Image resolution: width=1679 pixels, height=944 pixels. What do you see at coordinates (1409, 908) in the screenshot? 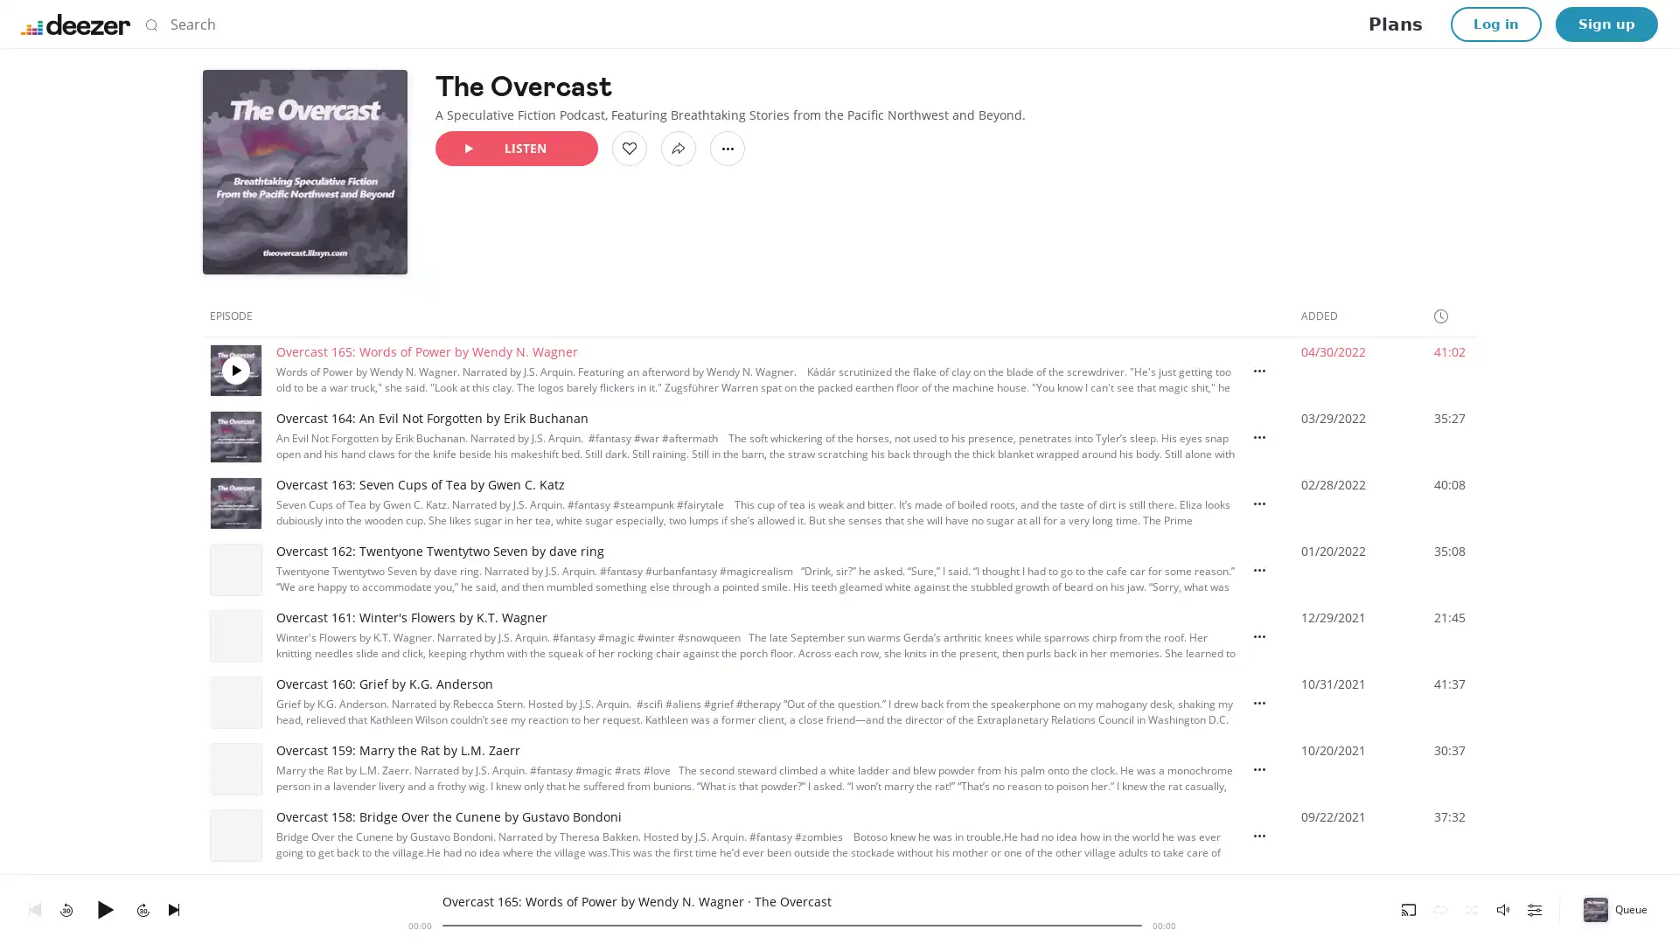
I see `Chromecast` at bounding box center [1409, 908].